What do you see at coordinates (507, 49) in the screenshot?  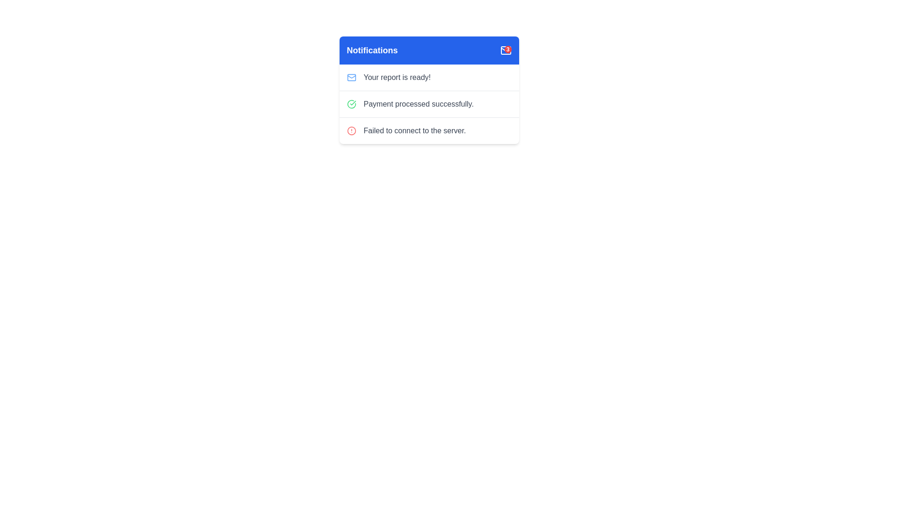 I see `the Notification Badge, which is a small circular badge with a red background and white text displaying the number '3', located in the top-right corner of the notification icon inside the blue notification header box` at bounding box center [507, 49].